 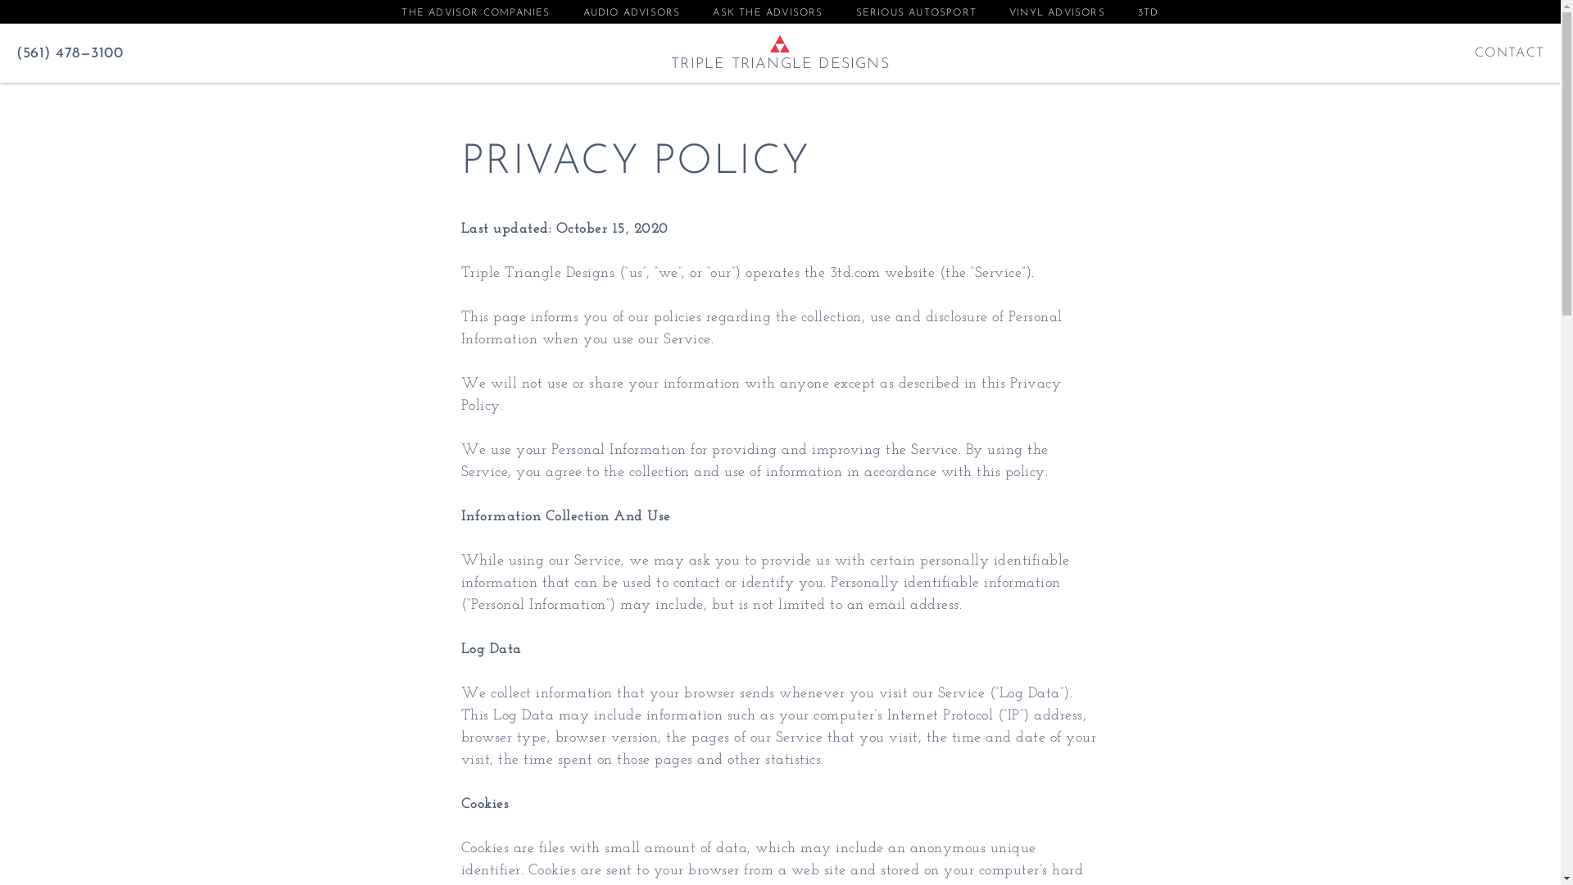 What do you see at coordinates (631, 12) in the screenshot?
I see `'AUDIO ADVISORS'` at bounding box center [631, 12].